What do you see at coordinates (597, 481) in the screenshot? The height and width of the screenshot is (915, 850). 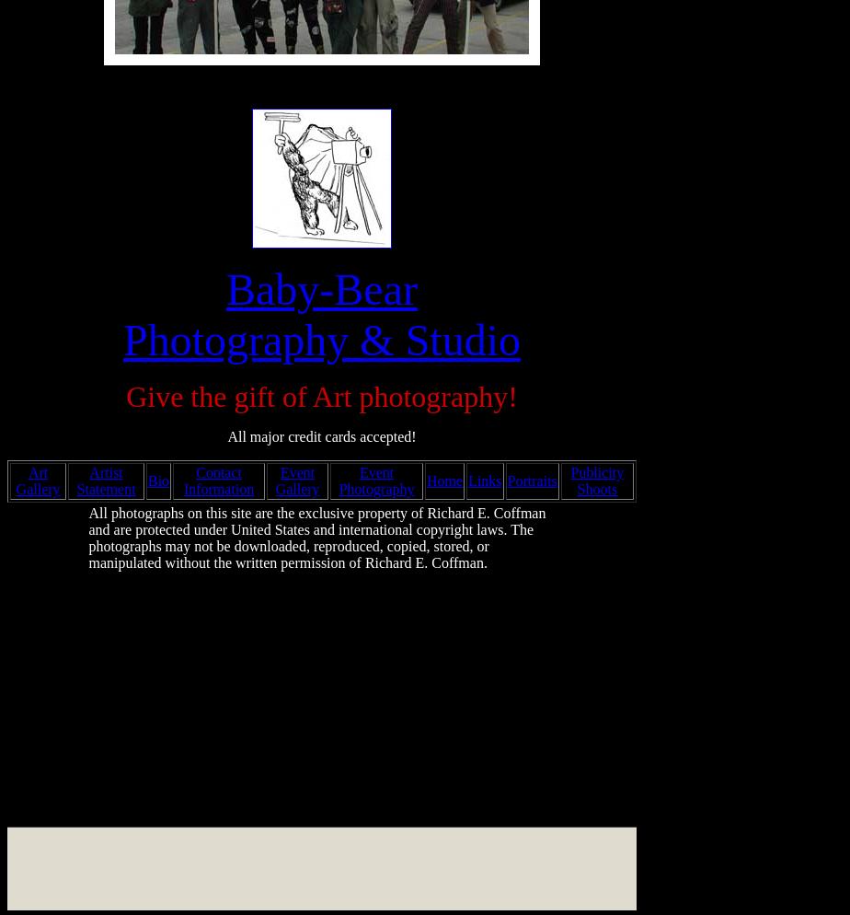 I see `'Publicity Shoots'` at bounding box center [597, 481].